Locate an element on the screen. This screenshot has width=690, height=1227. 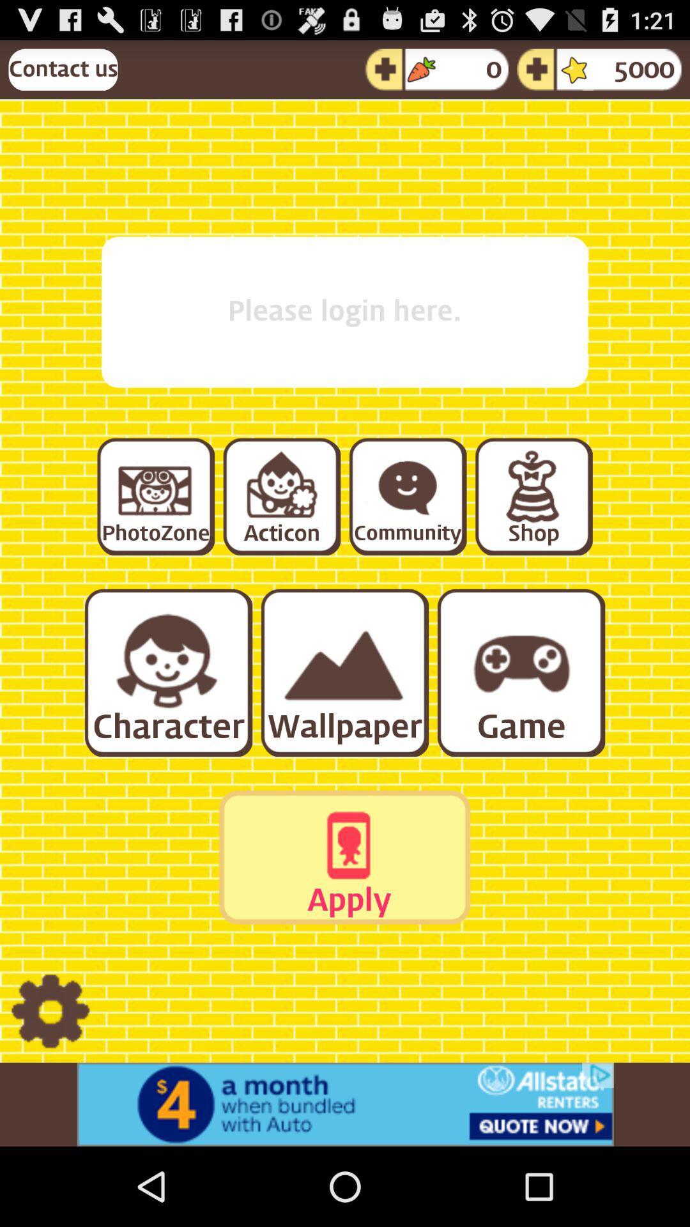
games section is located at coordinates (520, 671).